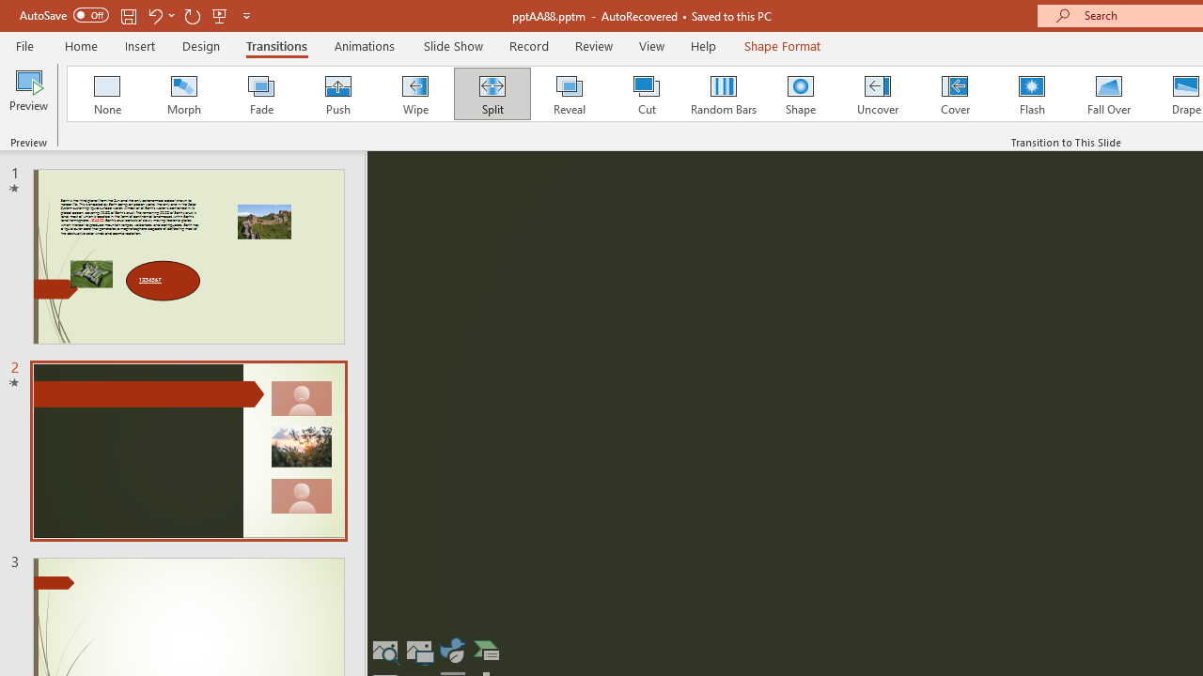 Image resolution: width=1203 pixels, height=676 pixels. I want to click on 'Pictures', so click(418, 650).